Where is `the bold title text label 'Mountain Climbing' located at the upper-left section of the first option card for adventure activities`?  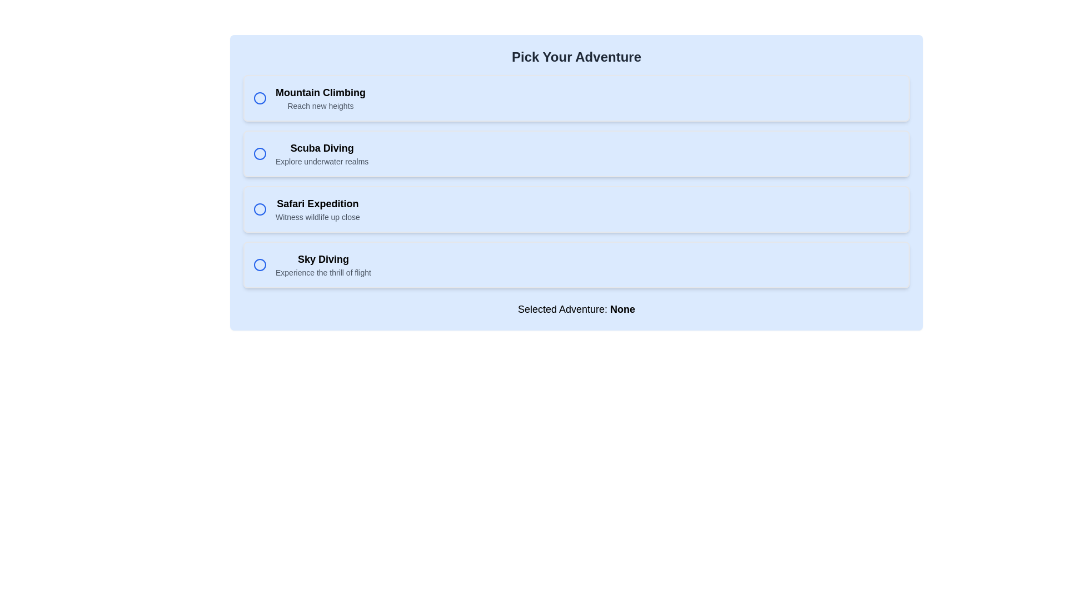 the bold title text label 'Mountain Climbing' located at the upper-left section of the first option card for adventure activities is located at coordinates (320, 92).